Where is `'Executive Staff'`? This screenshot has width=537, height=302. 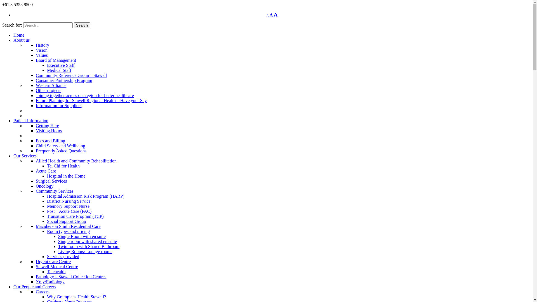 'Executive Staff' is located at coordinates (61, 65).